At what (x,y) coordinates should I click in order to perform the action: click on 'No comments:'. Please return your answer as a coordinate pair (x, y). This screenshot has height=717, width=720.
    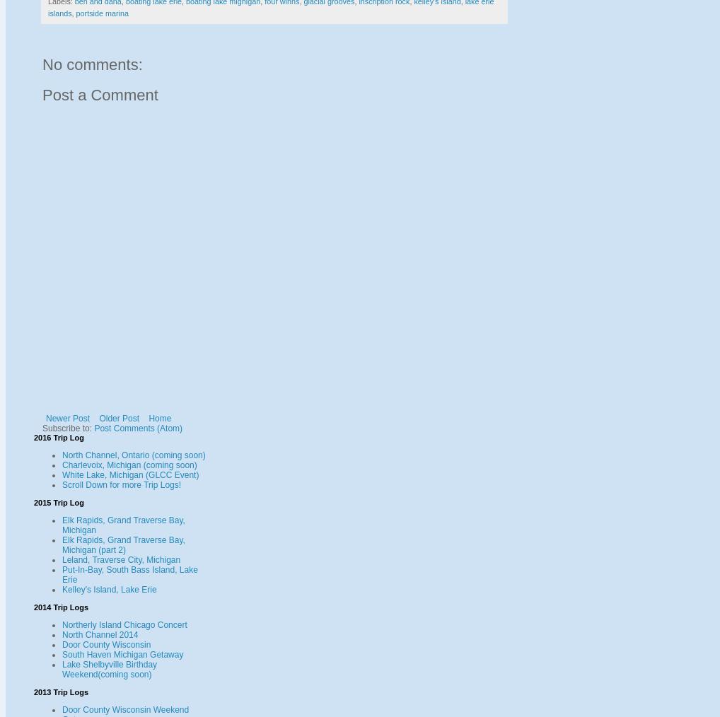
    Looking at the image, I should click on (91, 64).